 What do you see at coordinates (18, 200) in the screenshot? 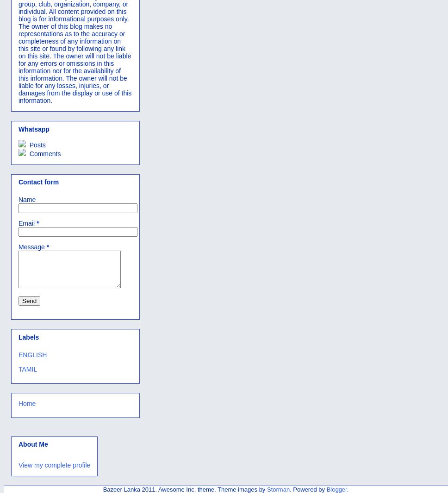
I see `'Name'` at bounding box center [18, 200].